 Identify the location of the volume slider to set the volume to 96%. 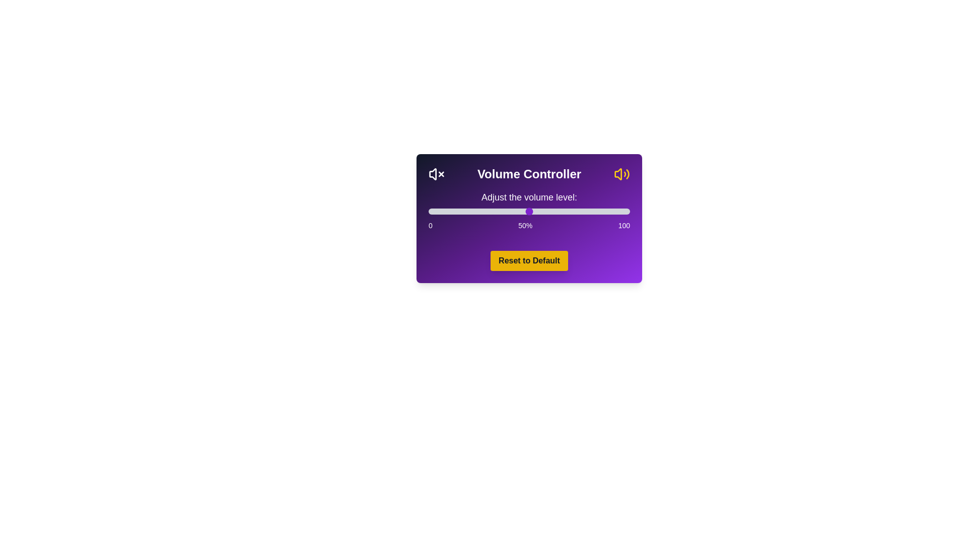
(621, 211).